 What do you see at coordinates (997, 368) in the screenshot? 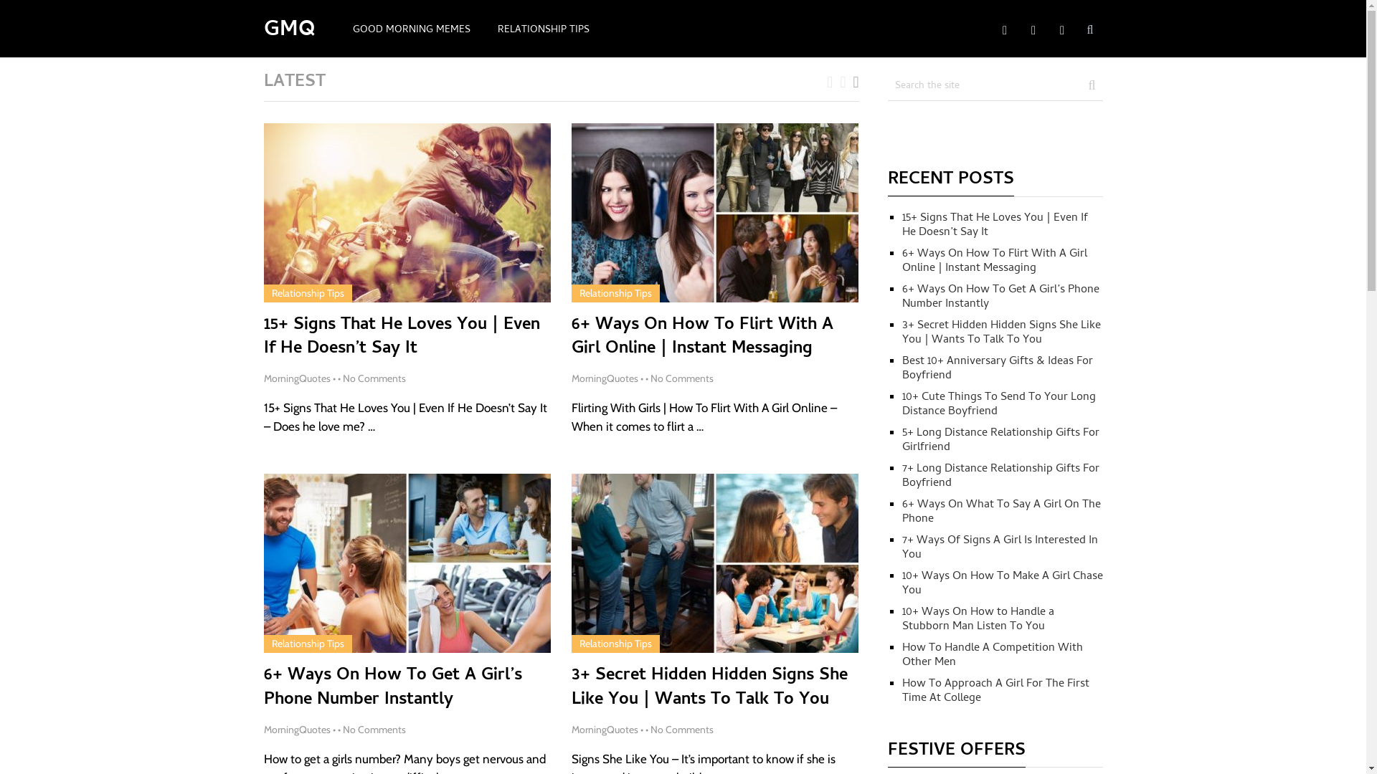
I see `'Best 10+ Anniversary Gifts & Ideas For Boyfriend'` at bounding box center [997, 368].